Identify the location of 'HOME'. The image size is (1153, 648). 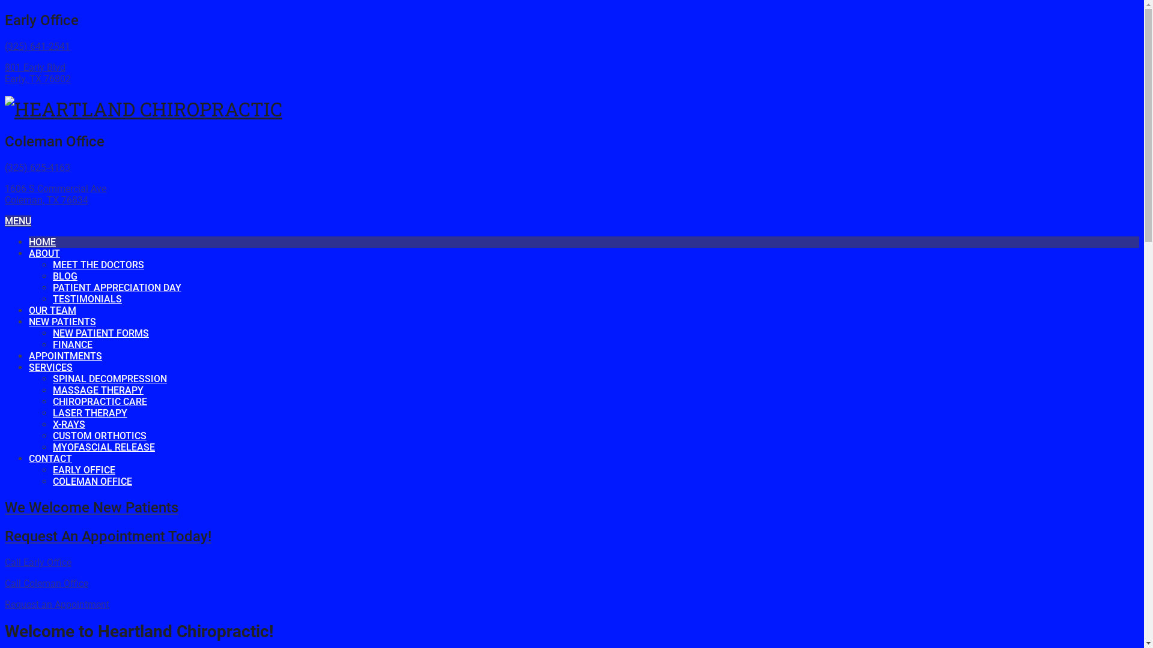
(42, 242).